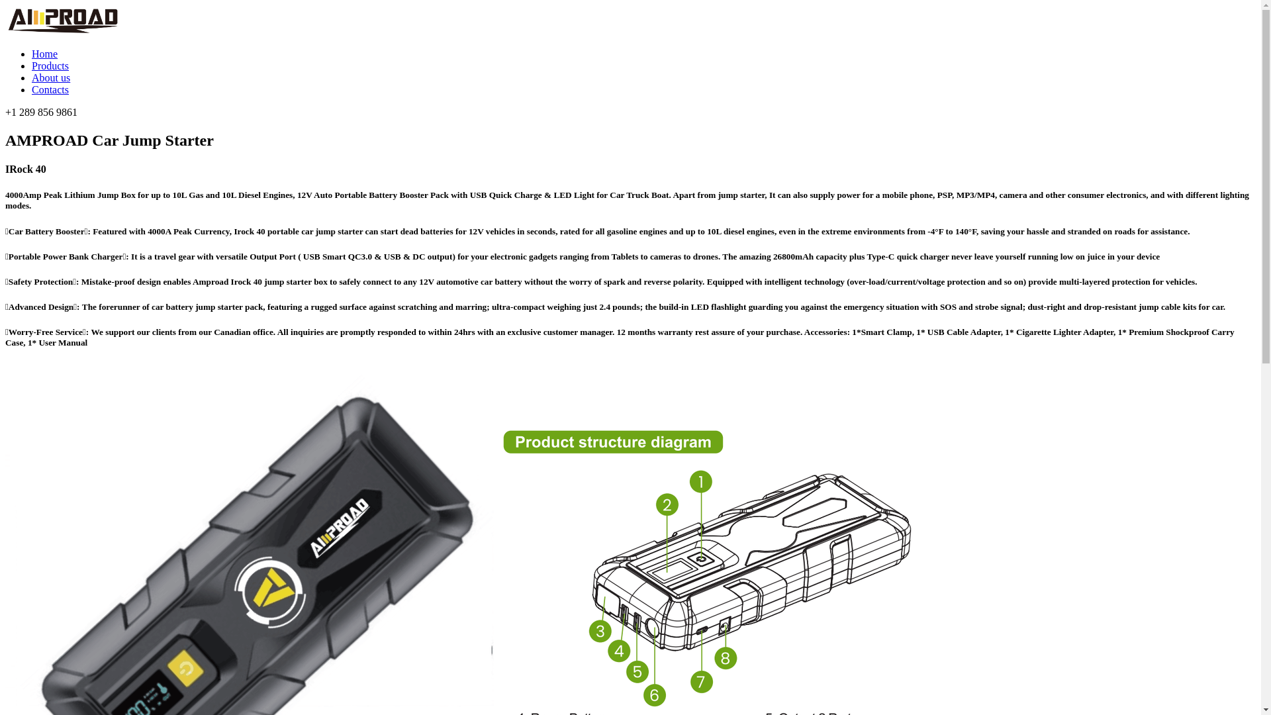 The height and width of the screenshot is (715, 1271). Describe the element at coordinates (32, 77) in the screenshot. I see `'About us'` at that location.